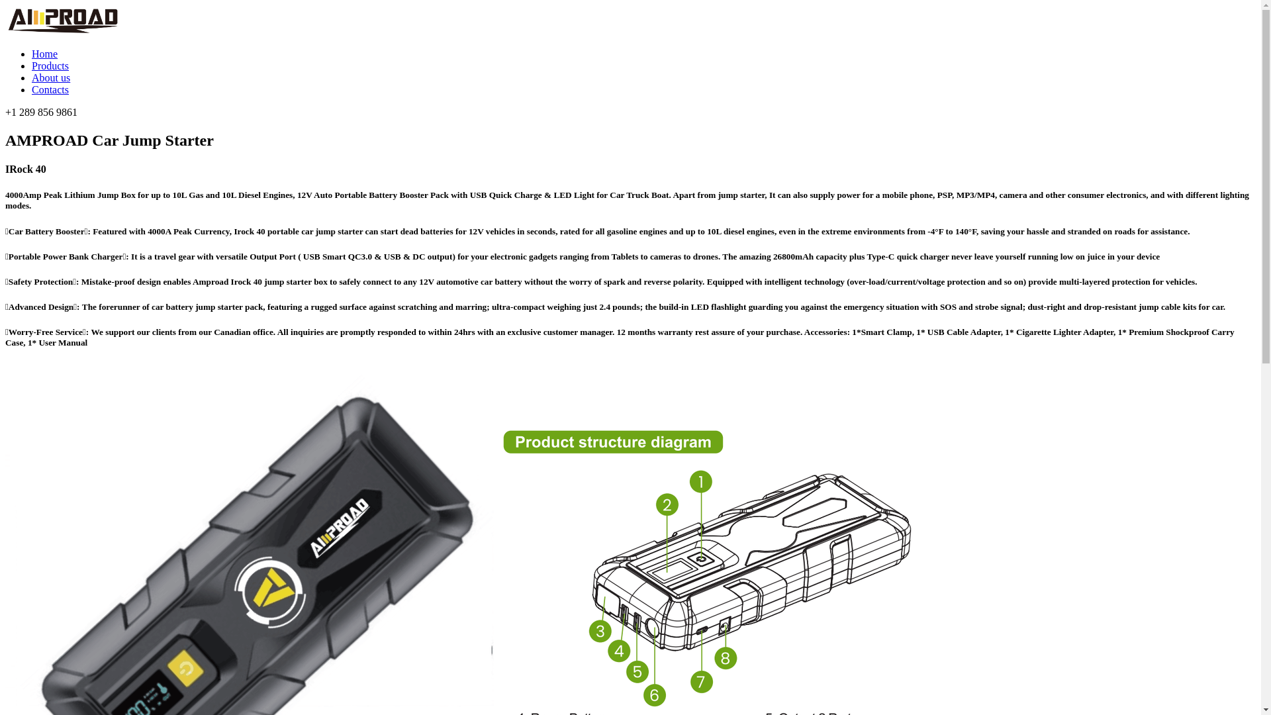 The height and width of the screenshot is (715, 1271). Describe the element at coordinates (32, 77) in the screenshot. I see `'About us'` at that location.